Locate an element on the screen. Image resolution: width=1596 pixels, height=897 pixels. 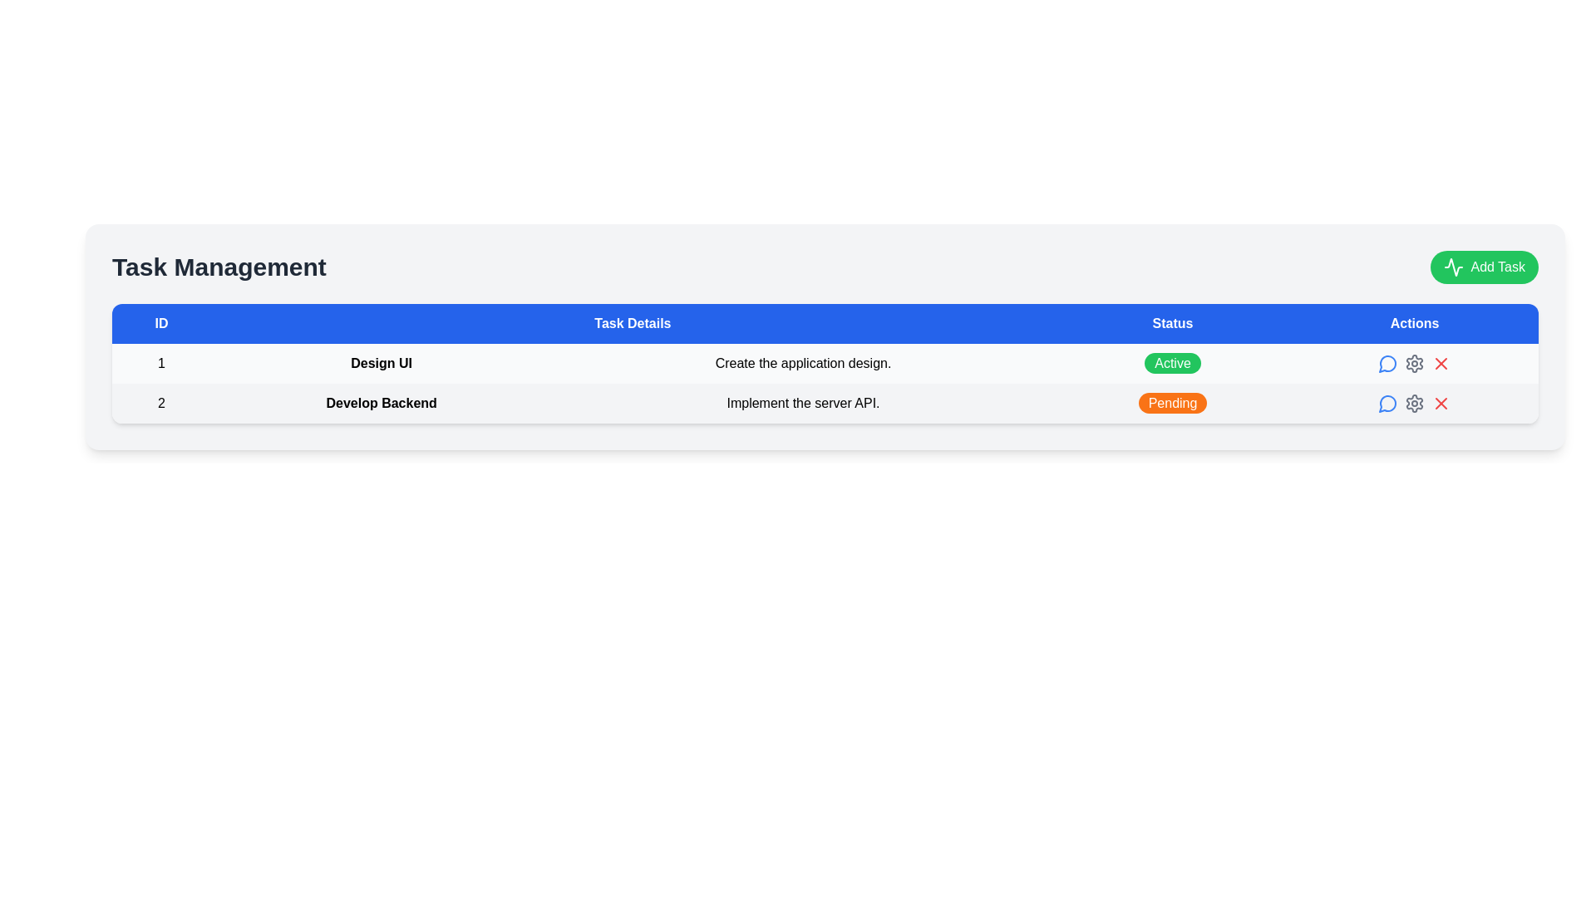
the Settings icon button located in the Actions column of the second row is located at coordinates (1414, 363).